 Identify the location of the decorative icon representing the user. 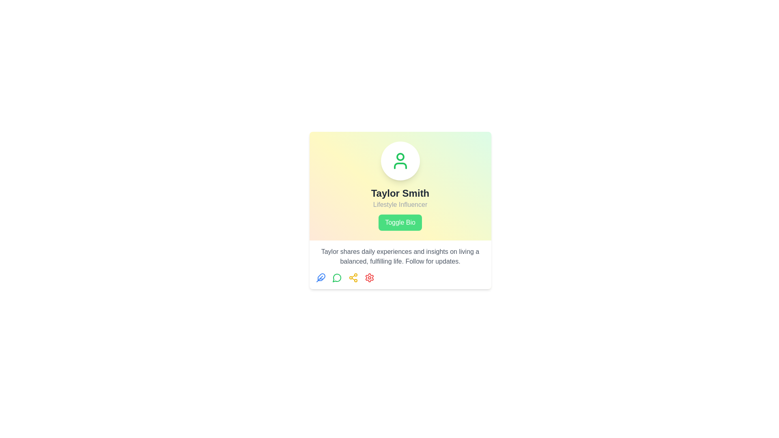
(400, 161).